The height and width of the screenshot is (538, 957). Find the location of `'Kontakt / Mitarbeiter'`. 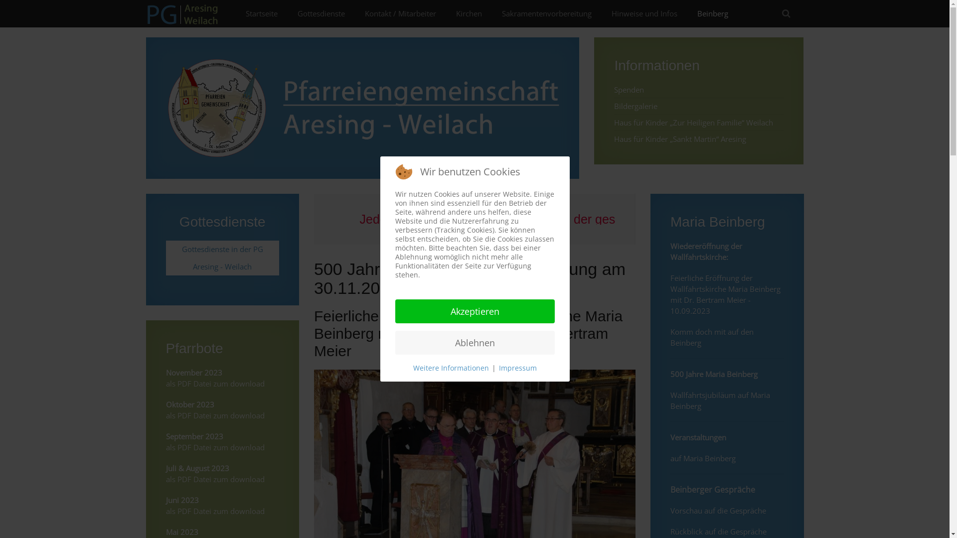

'Kontakt / Mitarbeiter' is located at coordinates (400, 13).